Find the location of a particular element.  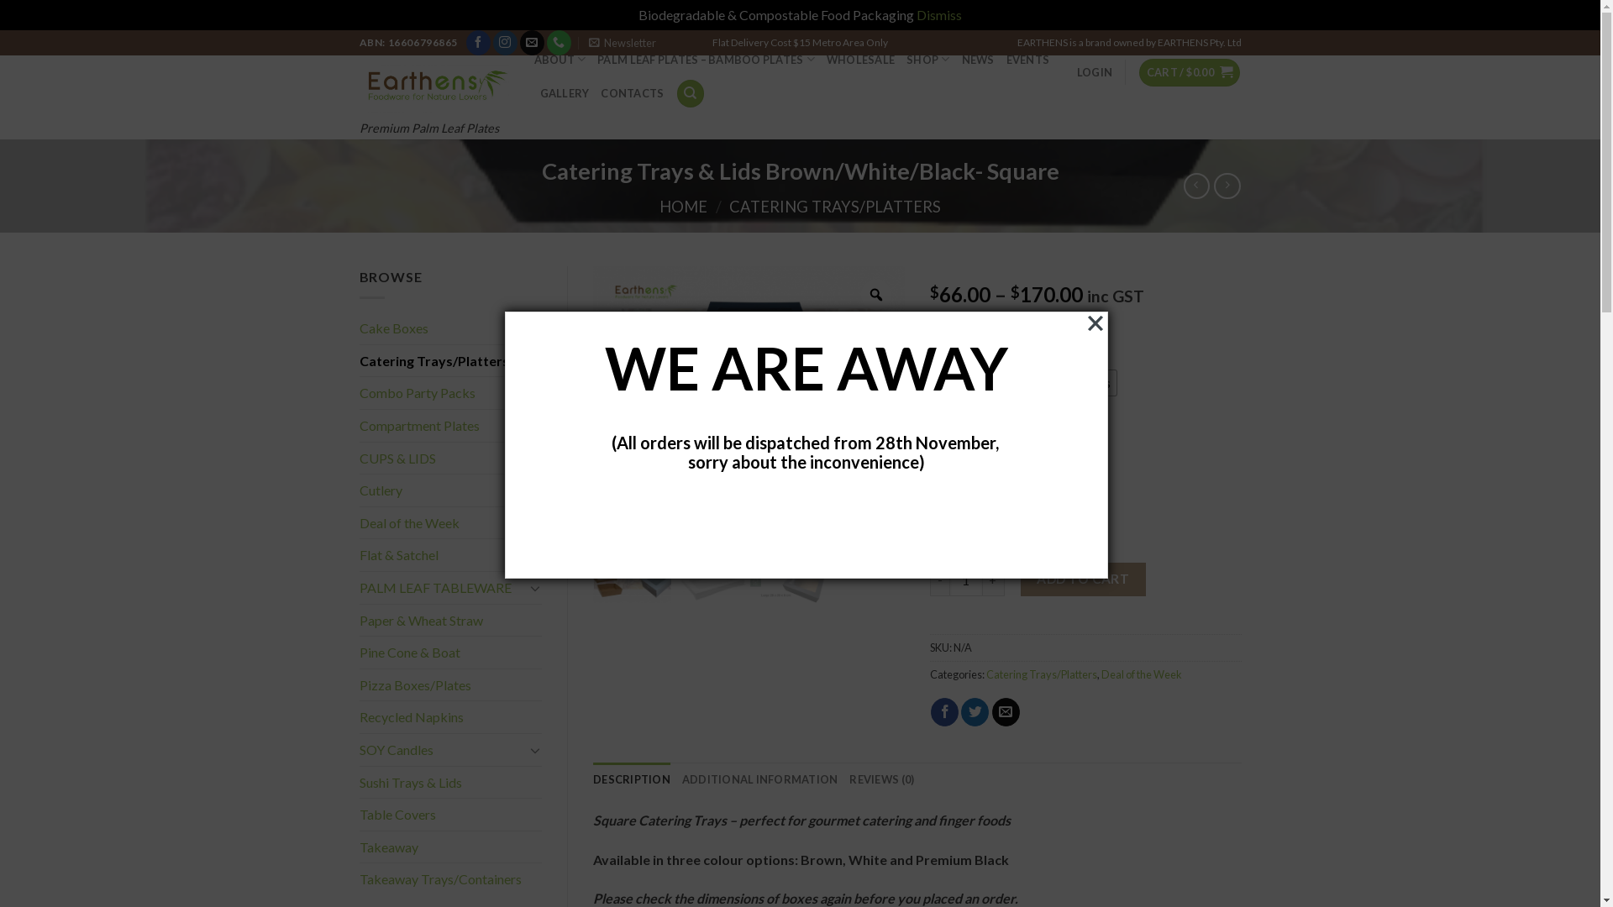

'Newsletter' is located at coordinates (621, 41).